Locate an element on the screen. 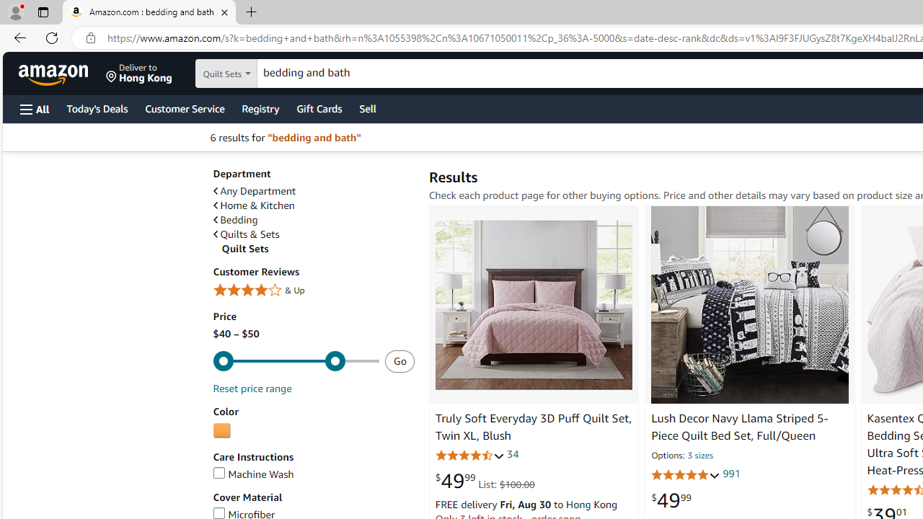 This screenshot has width=923, height=519. 'Maximum' is located at coordinates (295, 360).